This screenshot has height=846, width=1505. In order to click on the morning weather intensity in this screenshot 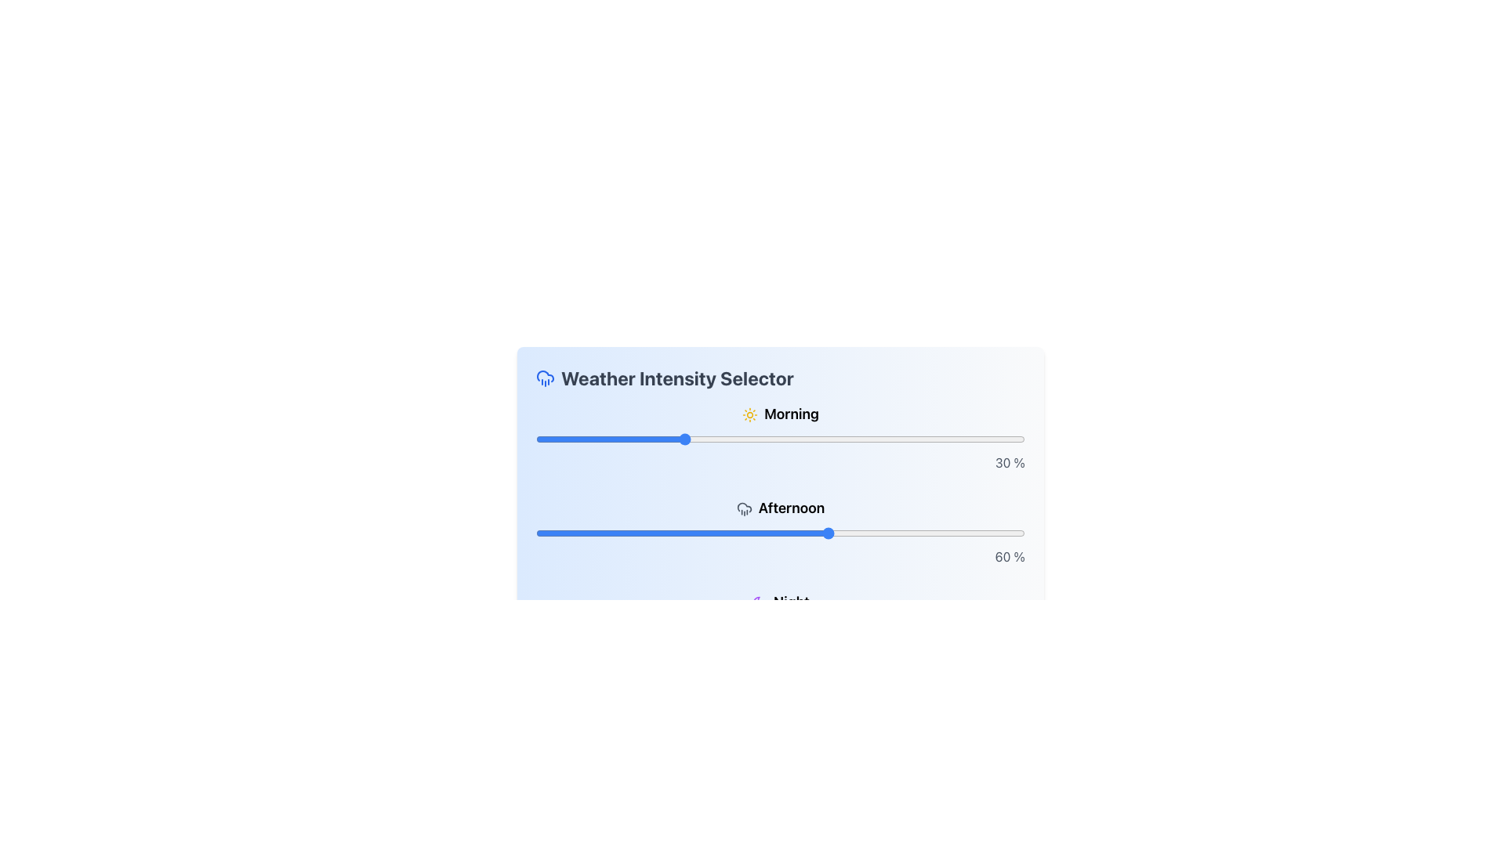, I will do `click(541, 439)`.